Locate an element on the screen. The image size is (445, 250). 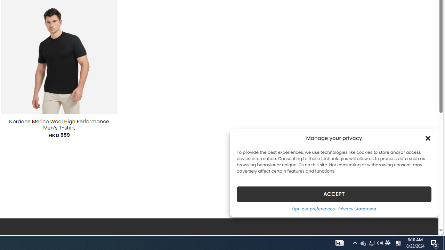
'ACCEPT' is located at coordinates (334, 194).